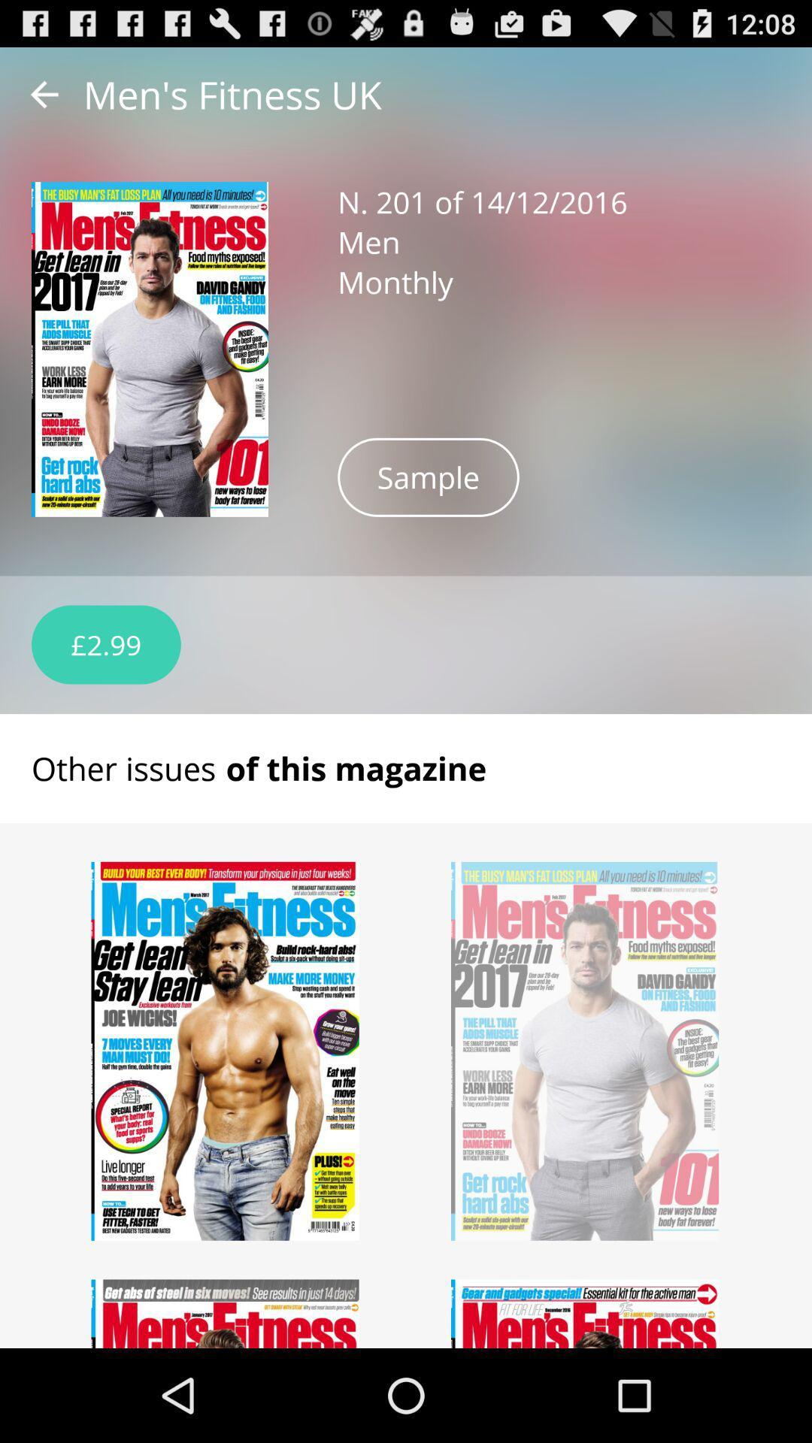 This screenshot has width=812, height=1443. I want to click on the sample item, so click(429, 476).